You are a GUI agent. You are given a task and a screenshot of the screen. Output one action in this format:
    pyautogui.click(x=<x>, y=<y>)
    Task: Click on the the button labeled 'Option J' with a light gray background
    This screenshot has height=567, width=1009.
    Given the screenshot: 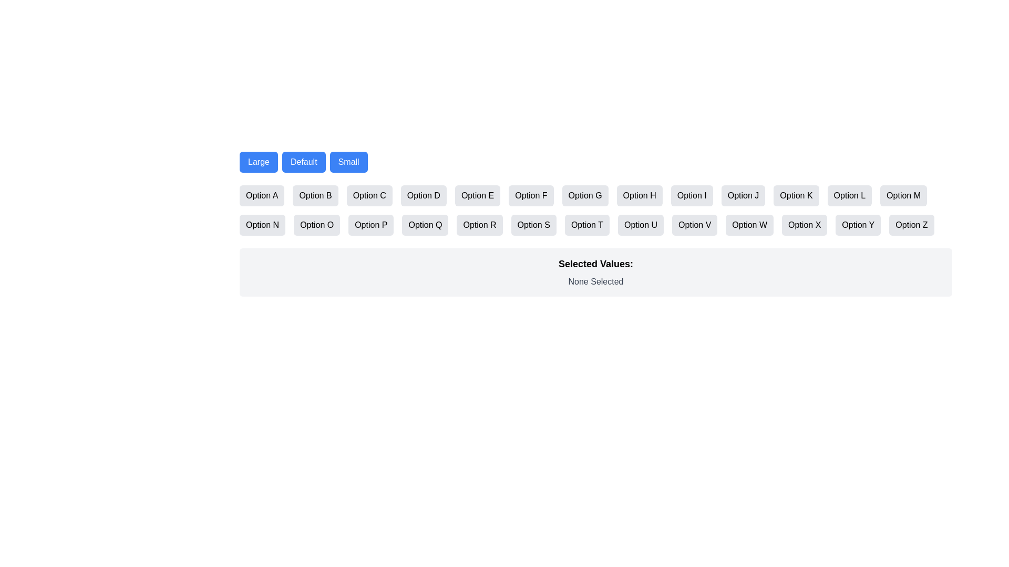 What is the action you would take?
    pyautogui.click(x=743, y=196)
    